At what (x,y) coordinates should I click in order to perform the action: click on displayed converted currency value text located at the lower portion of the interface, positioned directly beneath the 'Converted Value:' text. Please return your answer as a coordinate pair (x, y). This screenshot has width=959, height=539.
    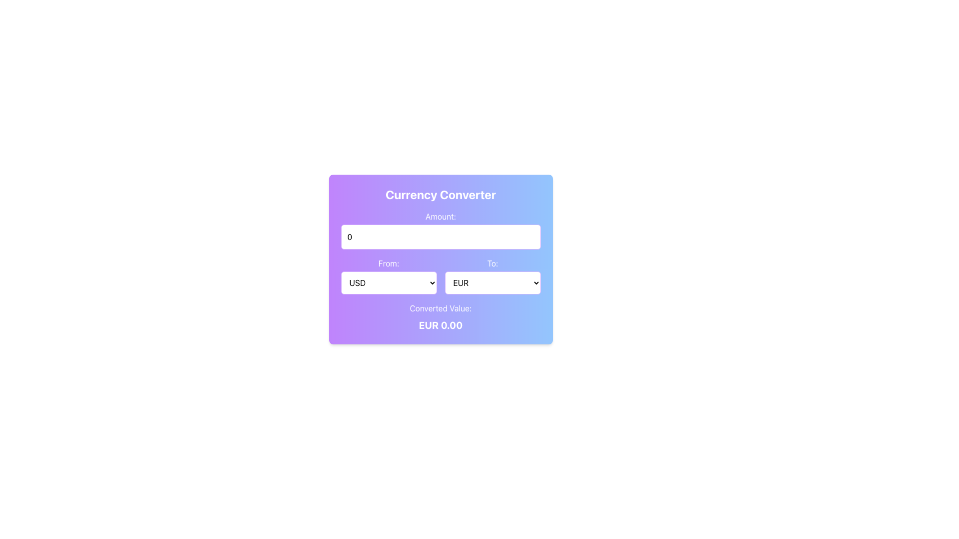
    Looking at the image, I should click on (440, 325).